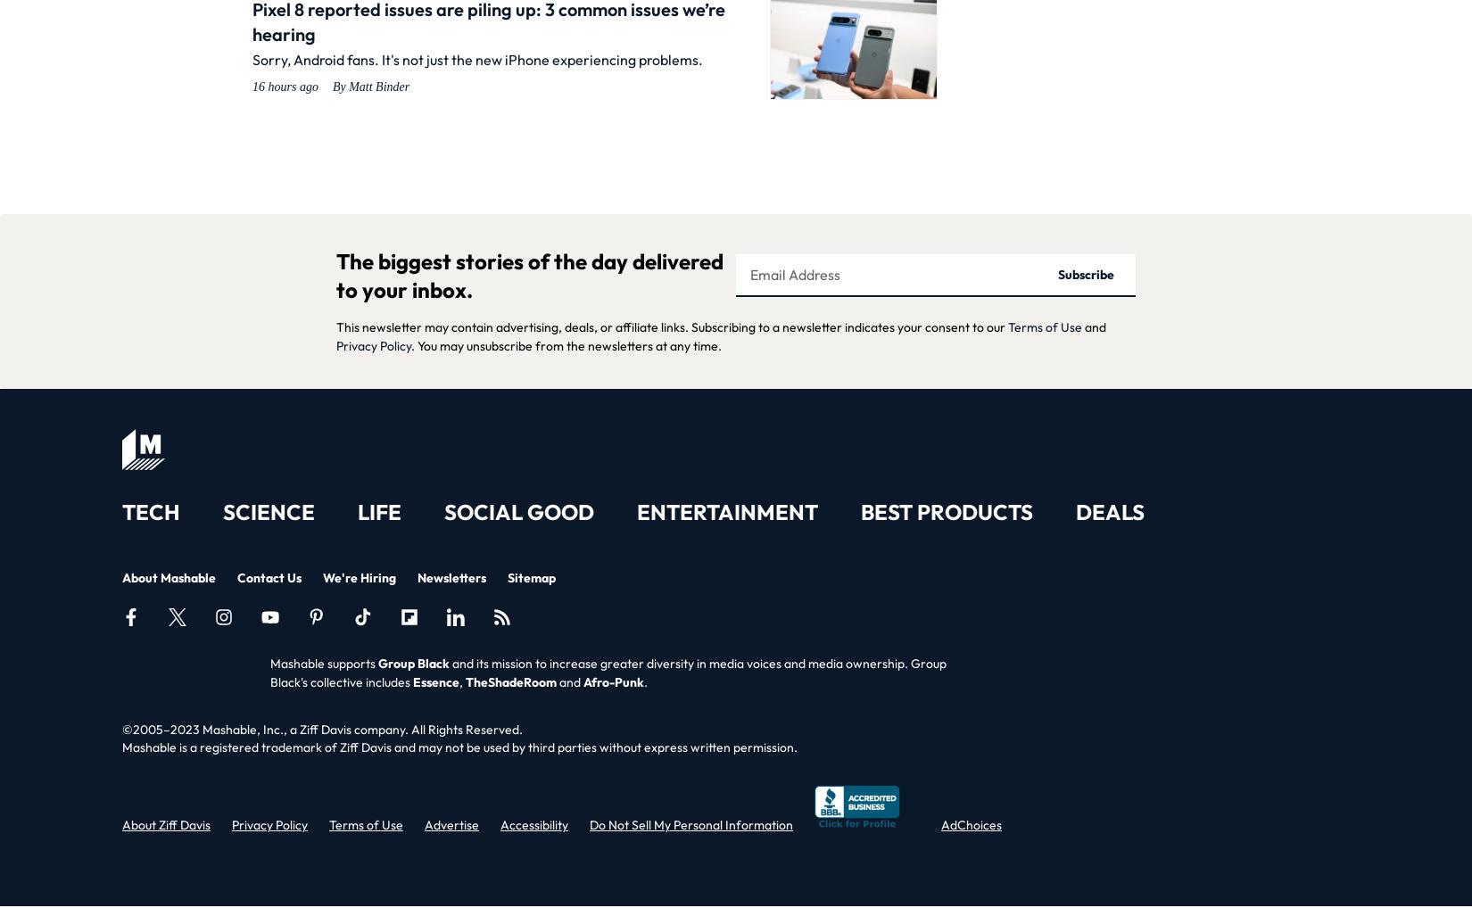 The height and width of the screenshot is (908, 1472). Describe the element at coordinates (691, 823) in the screenshot. I see `'Do Not Sell My Personal Information'` at that location.